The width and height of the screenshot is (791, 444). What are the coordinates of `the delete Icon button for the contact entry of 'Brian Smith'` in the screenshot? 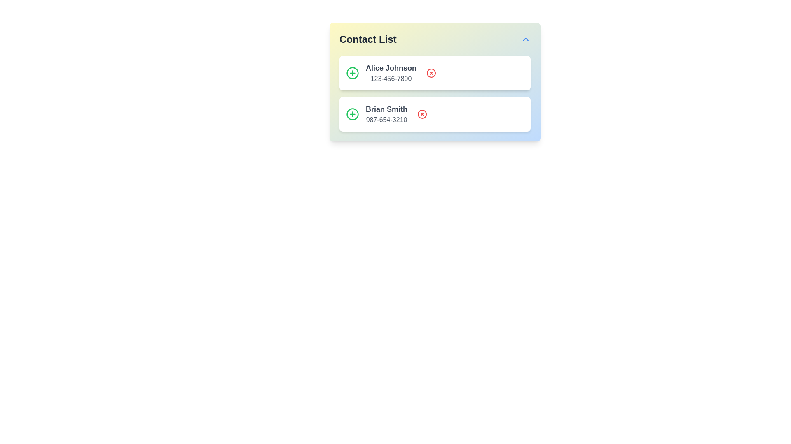 It's located at (422, 114).